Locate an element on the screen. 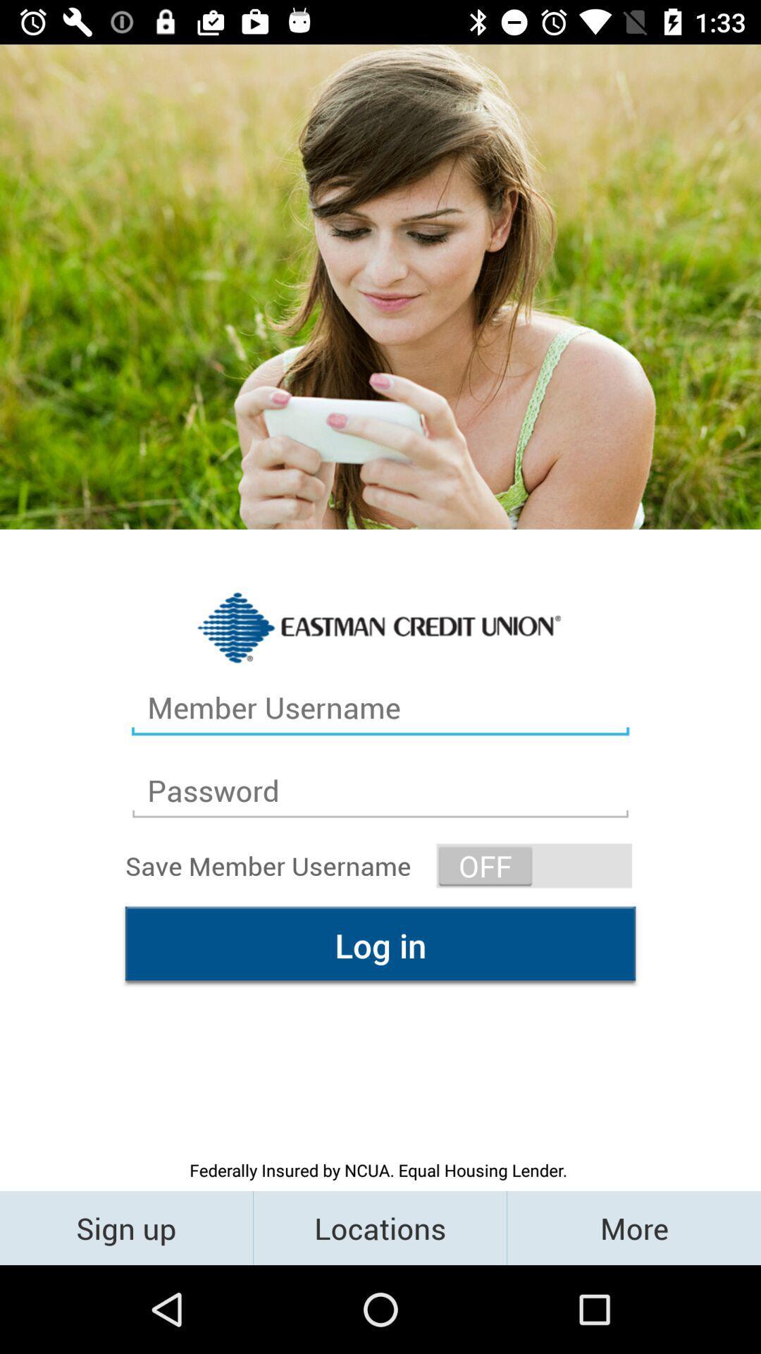  more is located at coordinates (633, 1227).